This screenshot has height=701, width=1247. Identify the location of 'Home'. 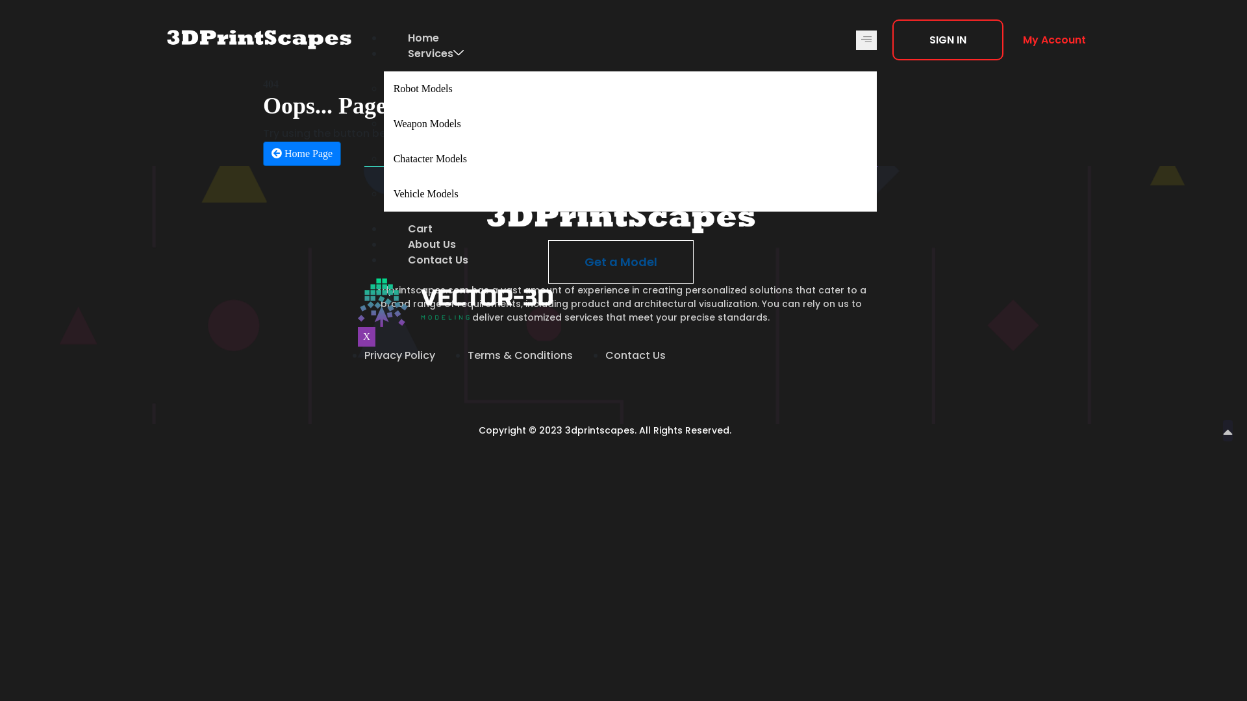
(423, 37).